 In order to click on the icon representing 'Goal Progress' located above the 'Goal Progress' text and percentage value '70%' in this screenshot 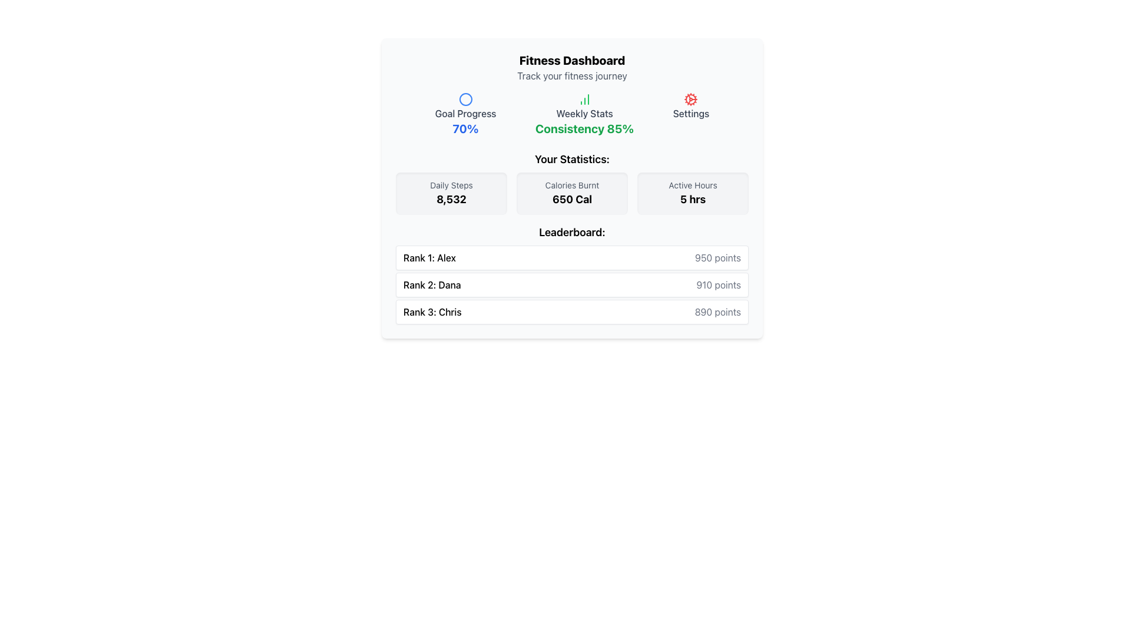, I will do `click(465, 99)`.